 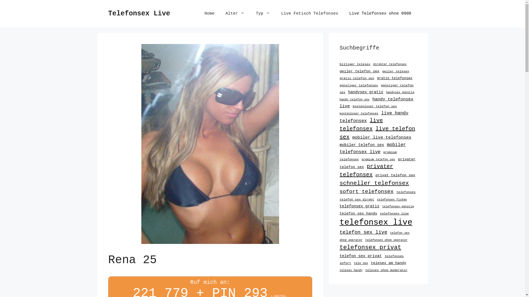 I want to click on 'privat telefon sex', so click(x=395, y=175).